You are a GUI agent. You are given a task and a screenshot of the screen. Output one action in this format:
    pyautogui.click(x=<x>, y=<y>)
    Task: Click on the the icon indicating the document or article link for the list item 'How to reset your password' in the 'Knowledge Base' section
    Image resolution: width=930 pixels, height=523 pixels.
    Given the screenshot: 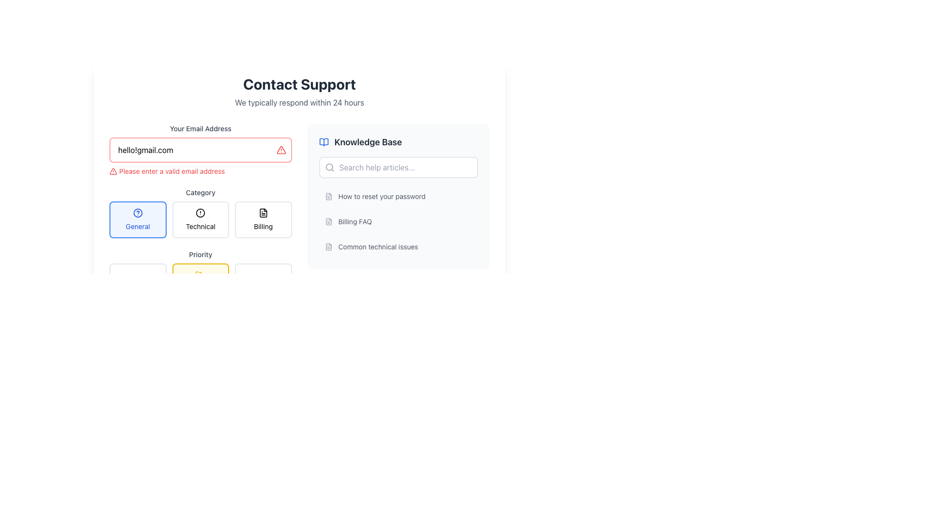 What is the action you would take?
    pyautogui.click(x=328, y=196)
    